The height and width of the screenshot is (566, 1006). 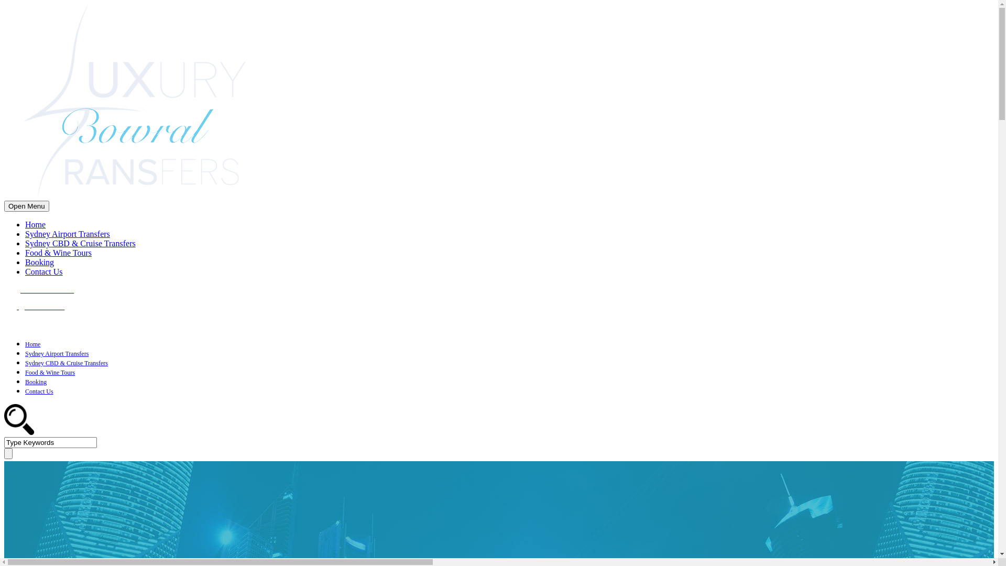 I want to click on 'Booking', so click(x=39, y=262).